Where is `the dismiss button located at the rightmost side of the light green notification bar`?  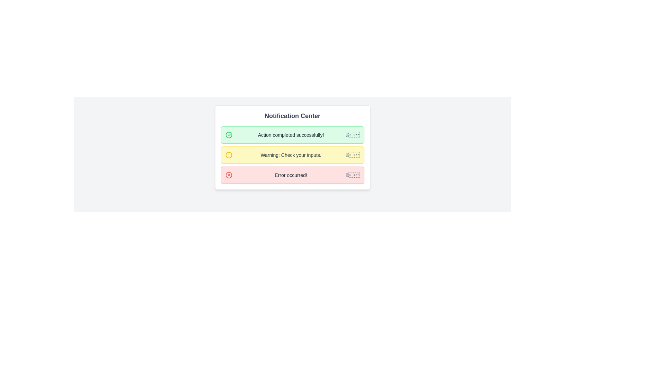
the dismiss button located at the rightmost side of the light green notification bar is located at coordinates (352, 135).